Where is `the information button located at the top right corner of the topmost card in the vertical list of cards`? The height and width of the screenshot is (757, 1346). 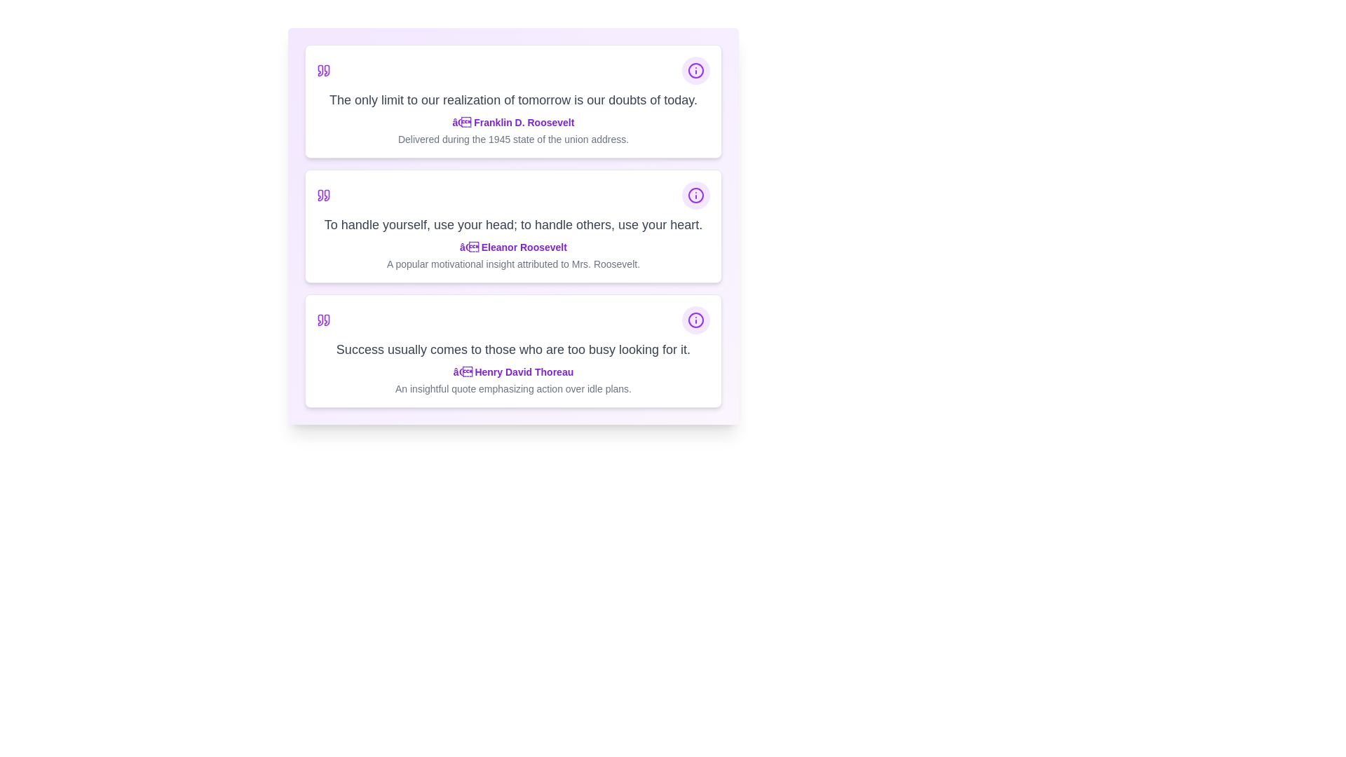
the information button located at the top right corner of the topmost card in the vertical list of cards is located at coordinates (696, 70).